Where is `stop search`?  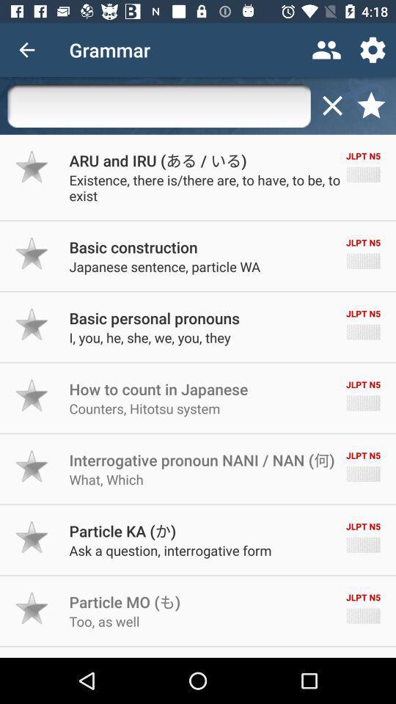 stop search is located at coordinates (332, 105).